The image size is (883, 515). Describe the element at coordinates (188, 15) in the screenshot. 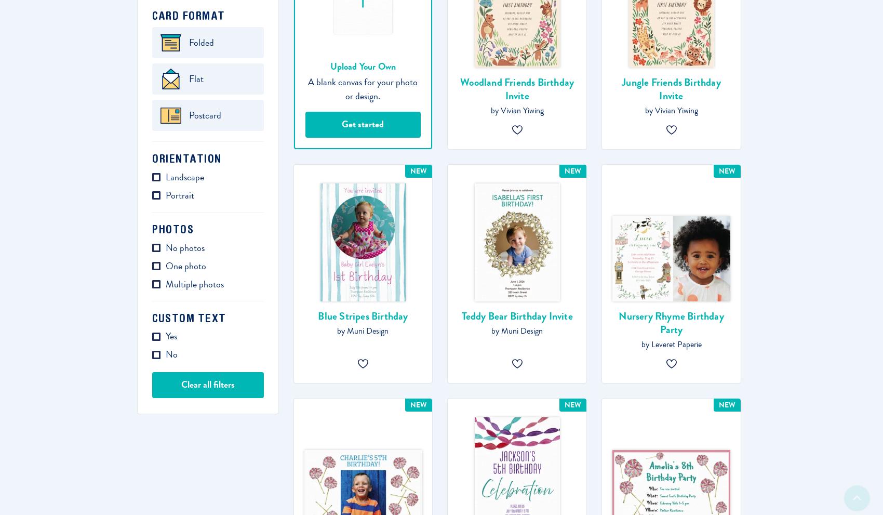

I see `'Card format'` at that location.